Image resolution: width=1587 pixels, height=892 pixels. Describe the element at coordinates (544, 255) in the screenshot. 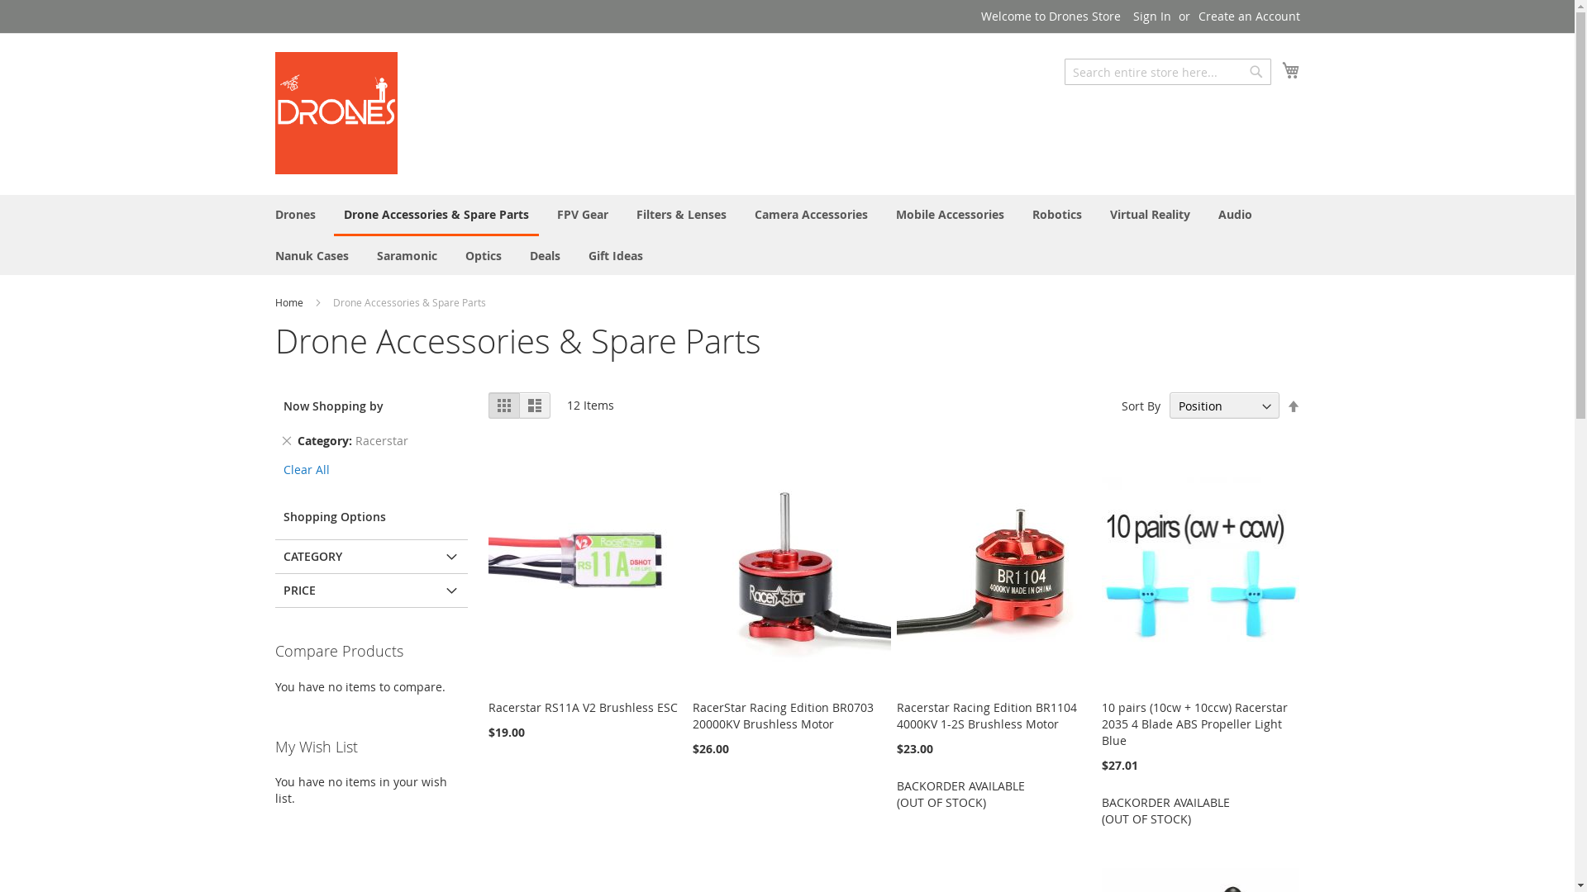

I see `'Deals'` at that location.